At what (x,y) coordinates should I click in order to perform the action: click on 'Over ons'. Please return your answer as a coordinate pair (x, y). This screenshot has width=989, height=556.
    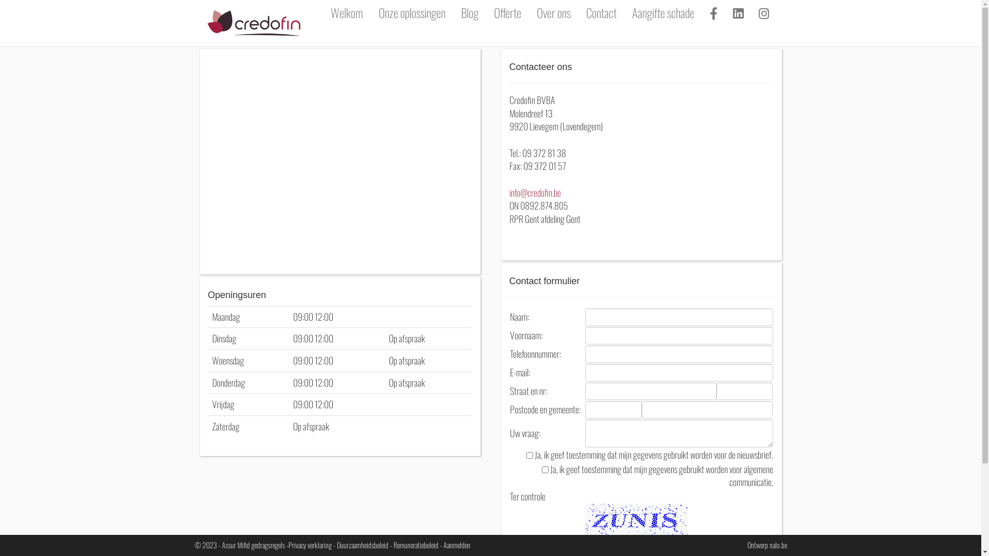
    Looking at the image, I should click on (528, 12).